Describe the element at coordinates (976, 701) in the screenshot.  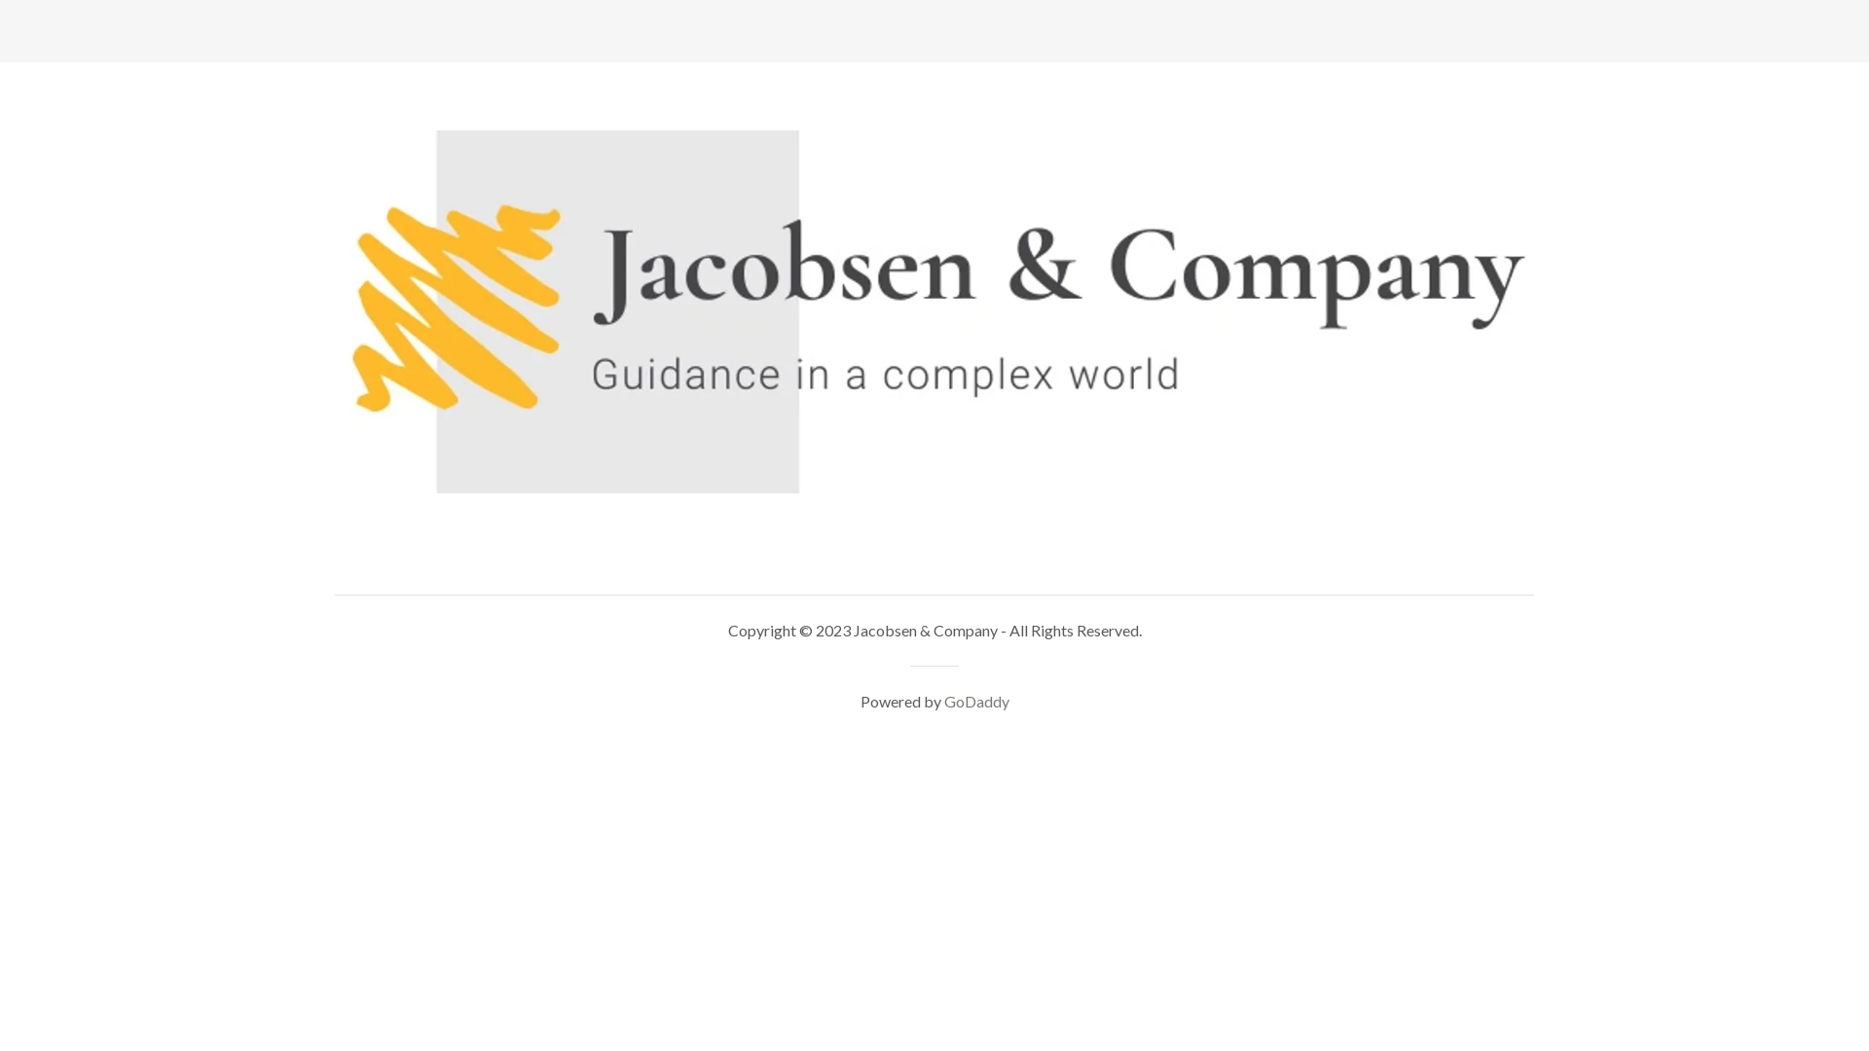
I see `'GoDaddy'` at that location.